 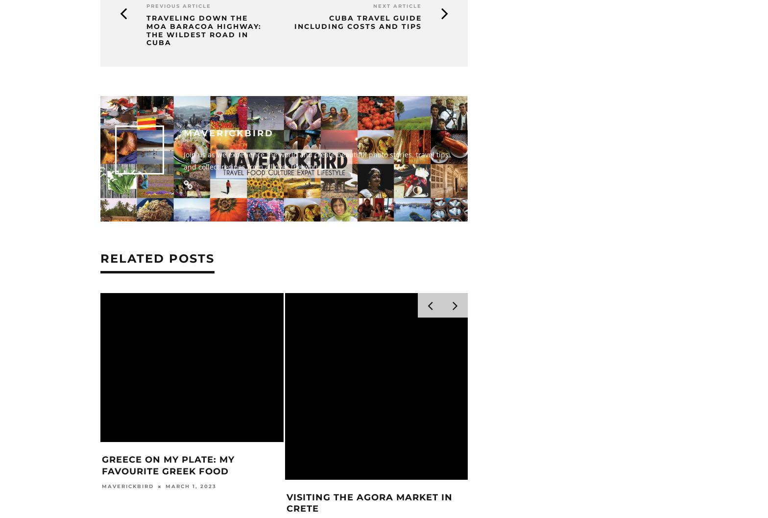 What do you see at coordinates (186, 478) in the screenshot?
I see `'March 4, 2023'` at bounding box center [186, 478].